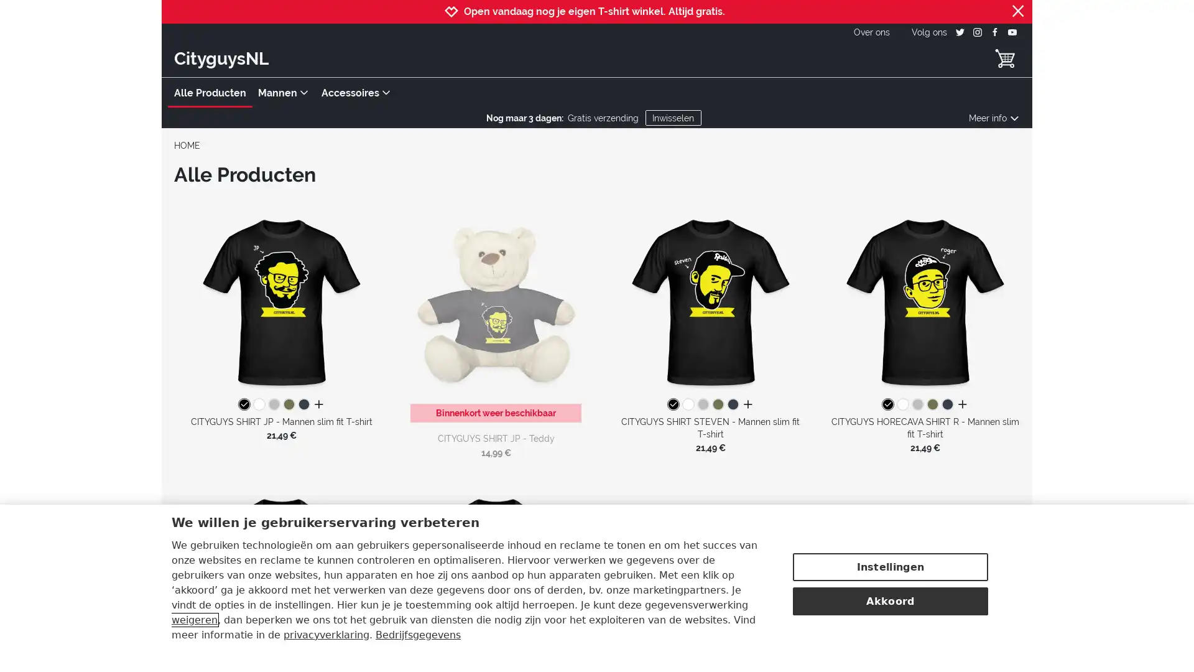 This screenshot has width=1194, height=672. Describe the element at coordinates (932, 405) in the screenshot. I see `kakigroen` at that location.